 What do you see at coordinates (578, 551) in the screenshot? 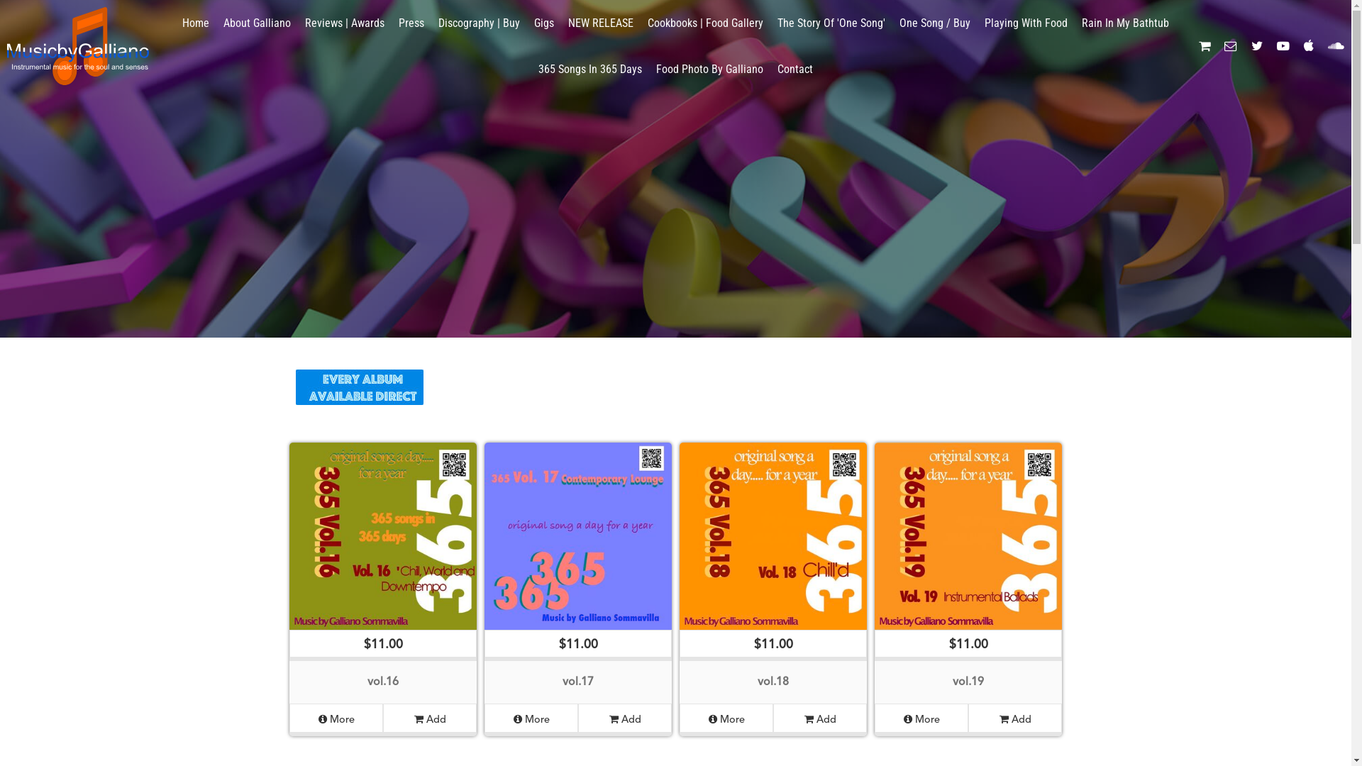
I see `'$11.00'` at bounding box center [578, 551].